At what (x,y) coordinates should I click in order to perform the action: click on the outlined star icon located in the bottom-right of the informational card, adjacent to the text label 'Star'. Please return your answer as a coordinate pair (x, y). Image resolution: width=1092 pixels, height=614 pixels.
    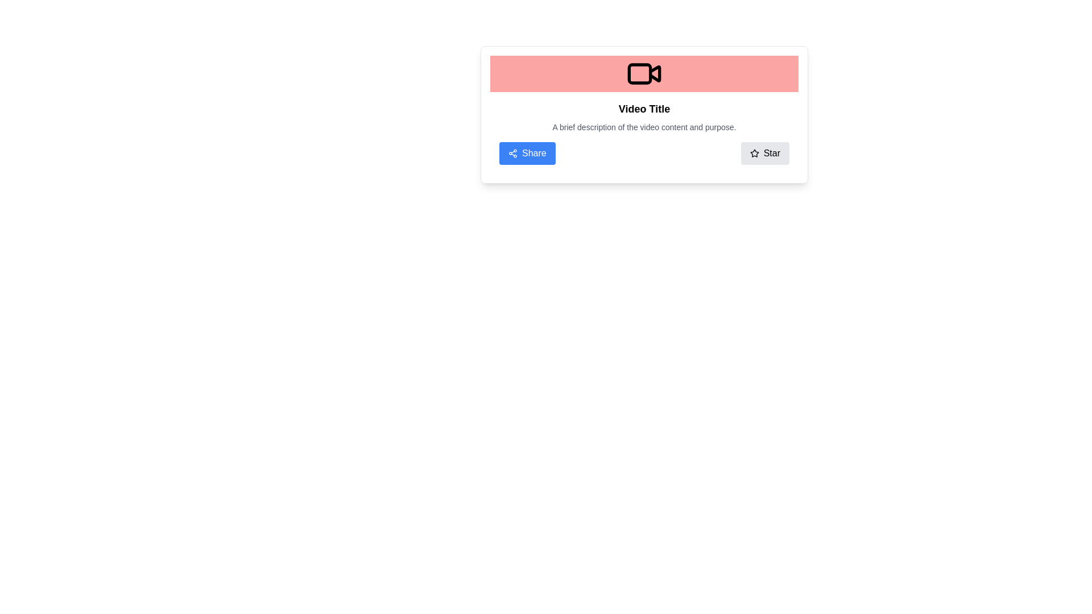
    Looking at the image, I should click on (754, 153).